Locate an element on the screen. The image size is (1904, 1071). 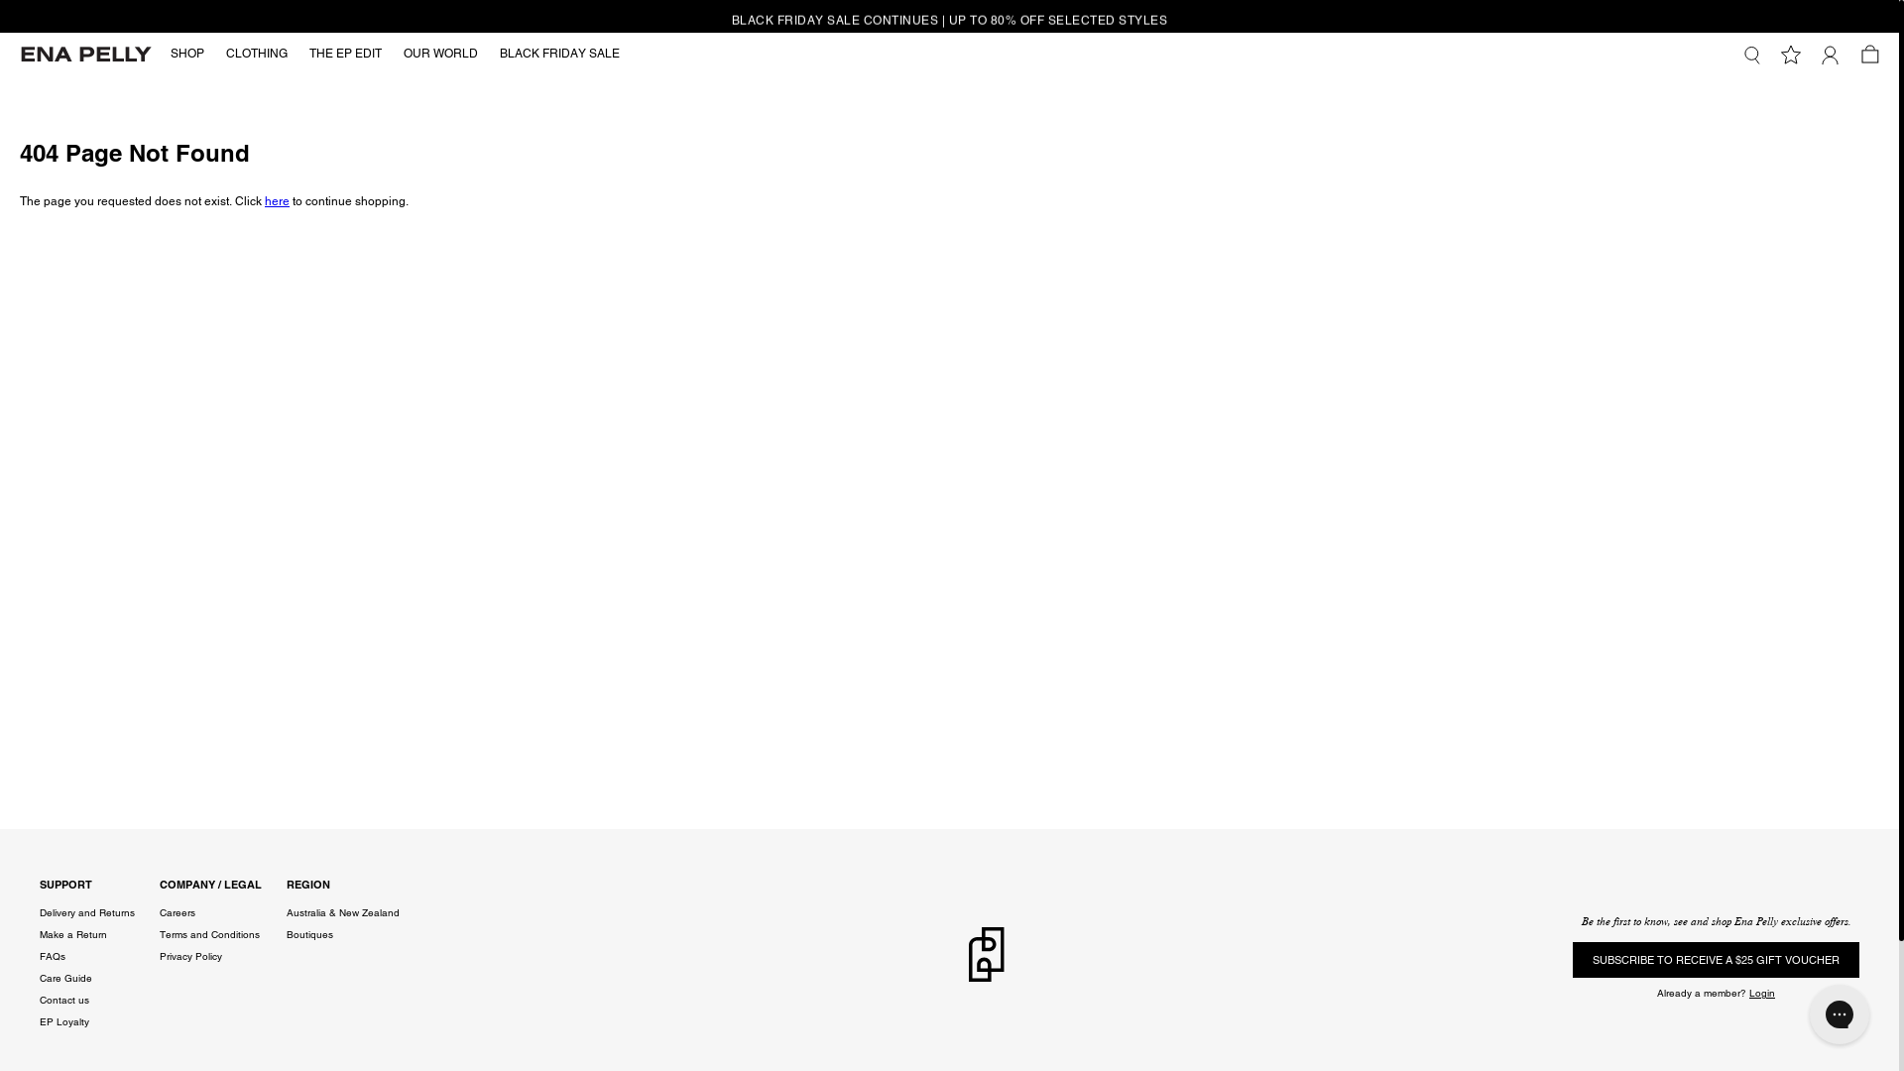
'BLACK FRIDAY SALE CONTINUES | UP TO 80% OFF SELECTED STYLES' is located at coordinates (948, 16).